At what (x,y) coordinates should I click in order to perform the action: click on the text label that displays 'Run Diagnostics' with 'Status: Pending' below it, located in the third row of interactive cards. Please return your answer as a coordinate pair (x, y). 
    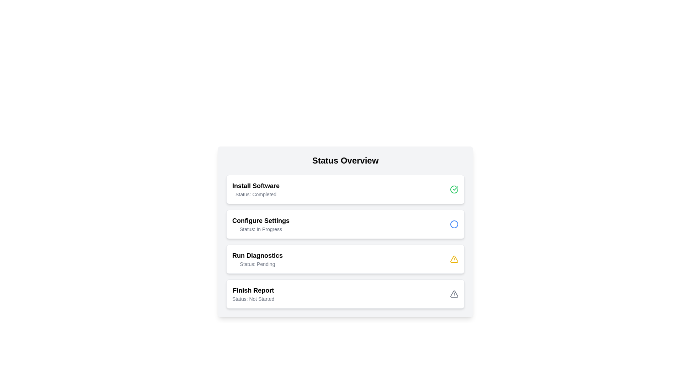
    Looking at the image, I should click on (257, 259).